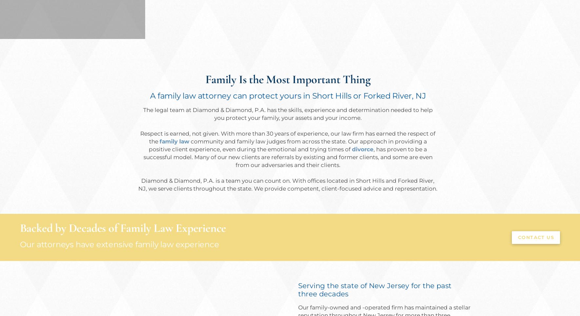  Describe the element at coordinates (287, 157) in the screenshot. I see `', has proven to be a successful model. Many of our new clients are referrals by existing and former clients, and some are even from our adversaries and their clients.'` at that location.